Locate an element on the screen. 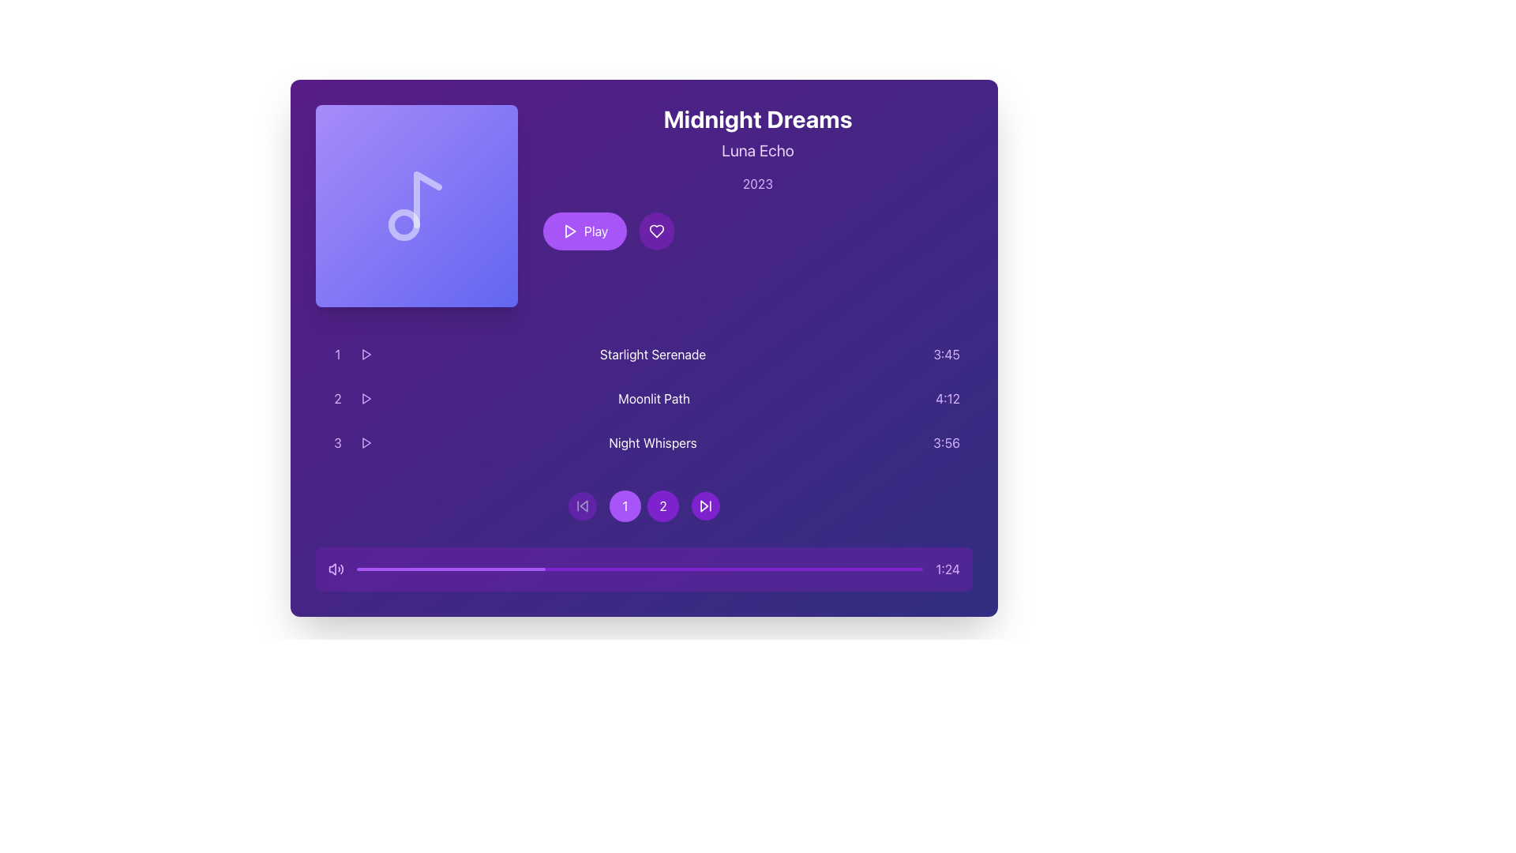 This screenshot has height=853, width=1516. the text label displaying 'Starlight Serenade', which is the title of the first song in the list, located horizontally centered between the play icon and the song duration is located at coordinates (653, 353).